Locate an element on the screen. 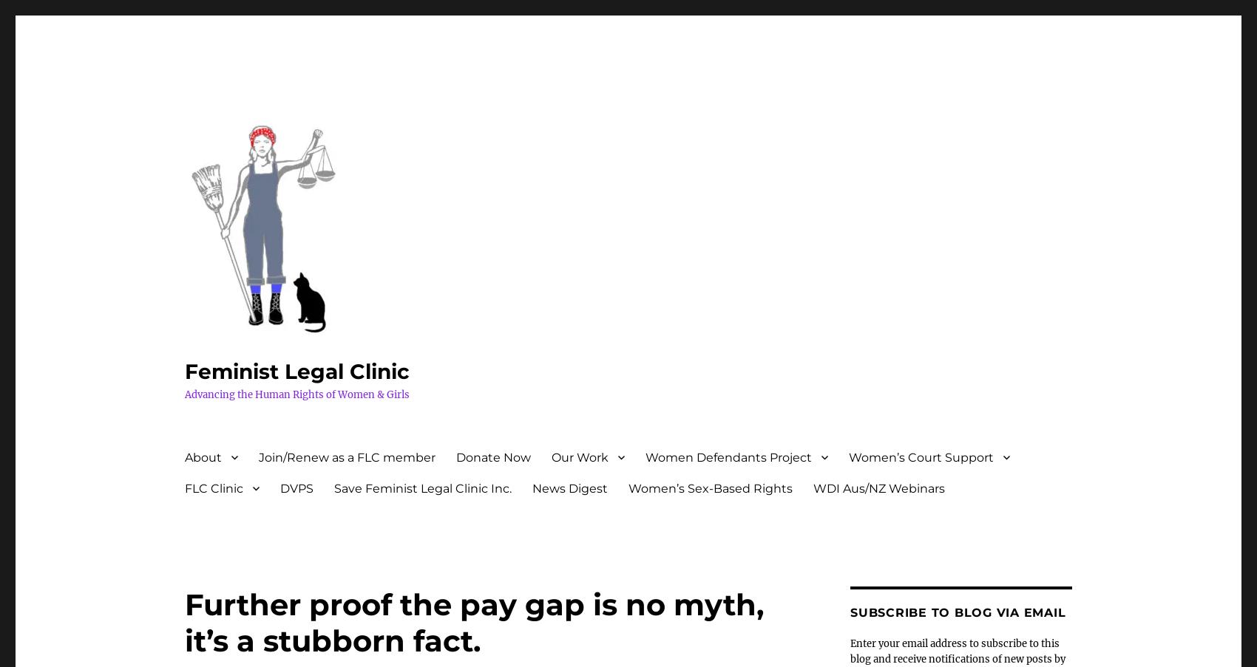 This screenshot has width=1257, height=667. 'Subscribe to Blog via Email' is located at coordinates (850, 612).